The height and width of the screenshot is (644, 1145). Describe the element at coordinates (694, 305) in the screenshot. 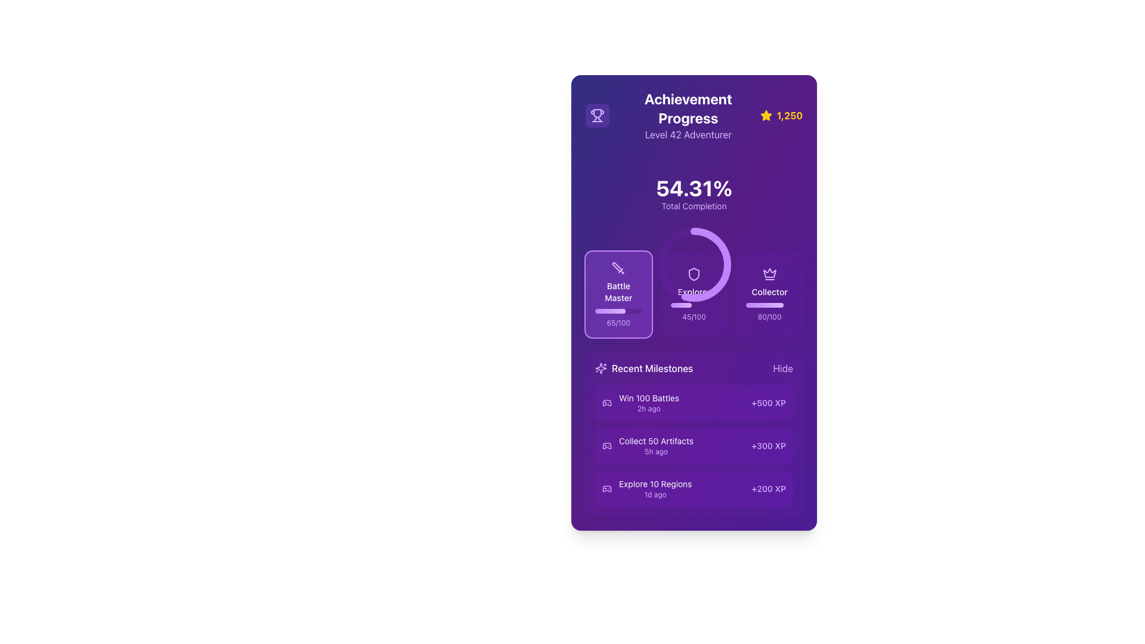

I see `the progress bar with a purple base and gradient fill, located below the 'Explorer' text and above the '45/100' indicator` at that location.